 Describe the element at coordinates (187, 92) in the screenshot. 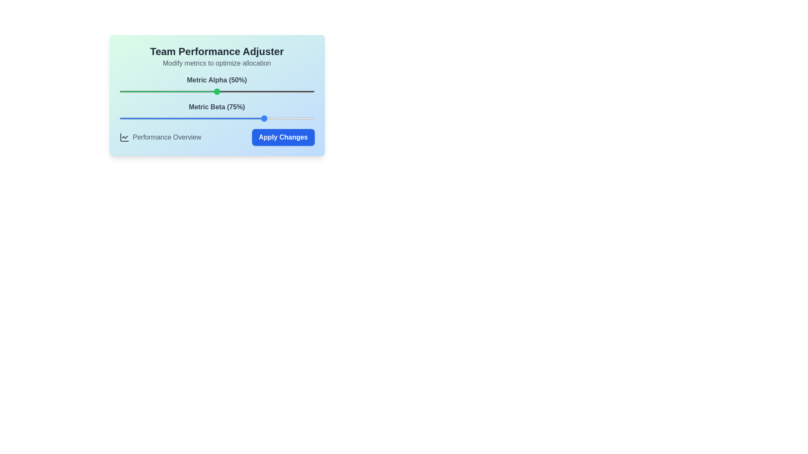

I see `the Metric Alpha slider to set its value to 35` at that location.